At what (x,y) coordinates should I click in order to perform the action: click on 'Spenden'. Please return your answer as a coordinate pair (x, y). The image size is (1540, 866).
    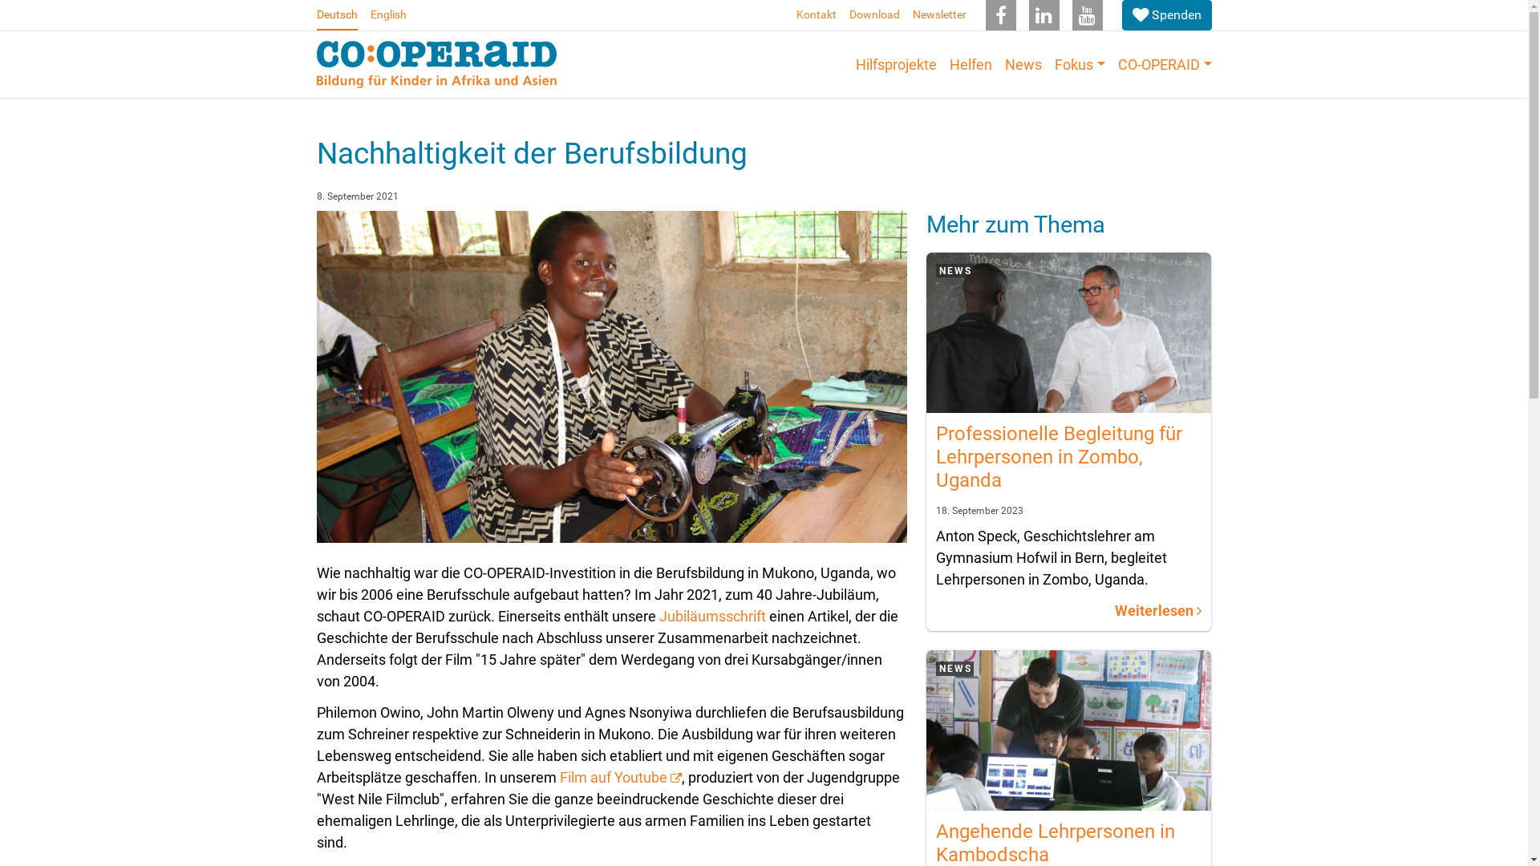
    Looking at the image, I should click on (1166, 15).